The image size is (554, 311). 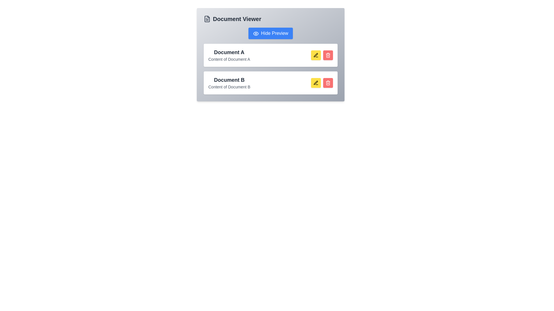 I want to click on the red deletion button with a trash icon, so click(x=328, y=55).